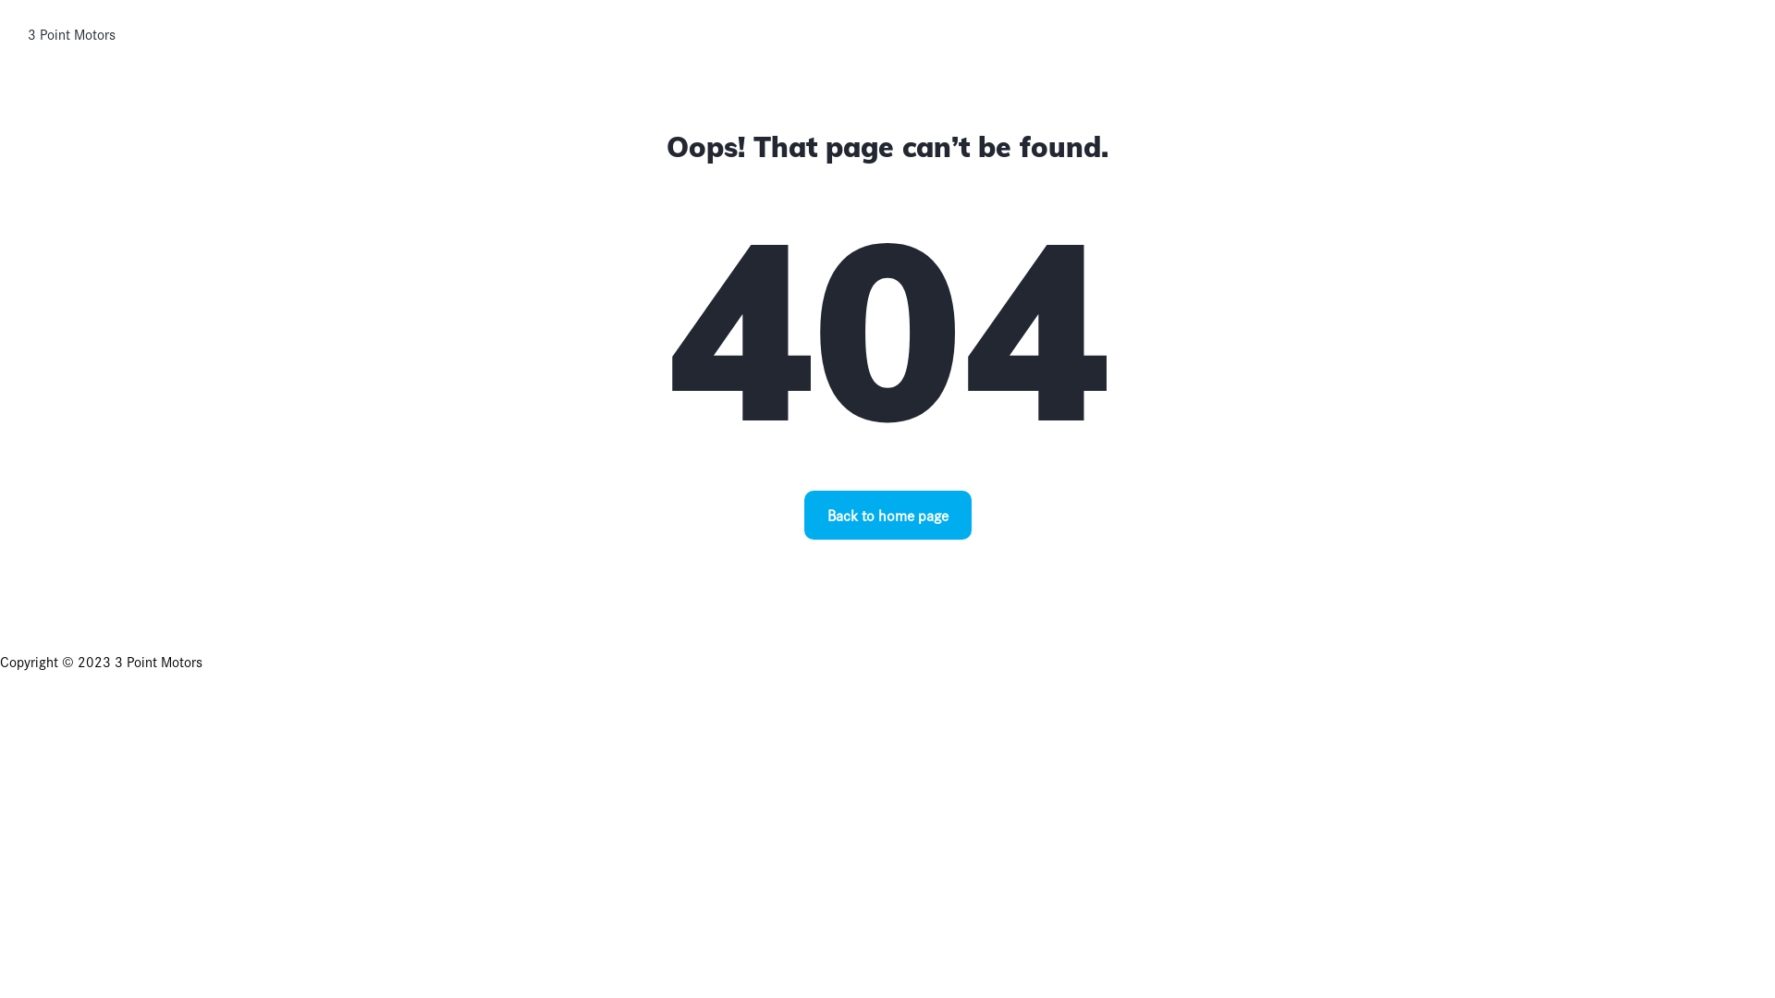 This screenshot has width=1775, height=998. Describe the element at coordinates (71, 34) in the screenshot. I see `'3 Point Motors'` at that location.